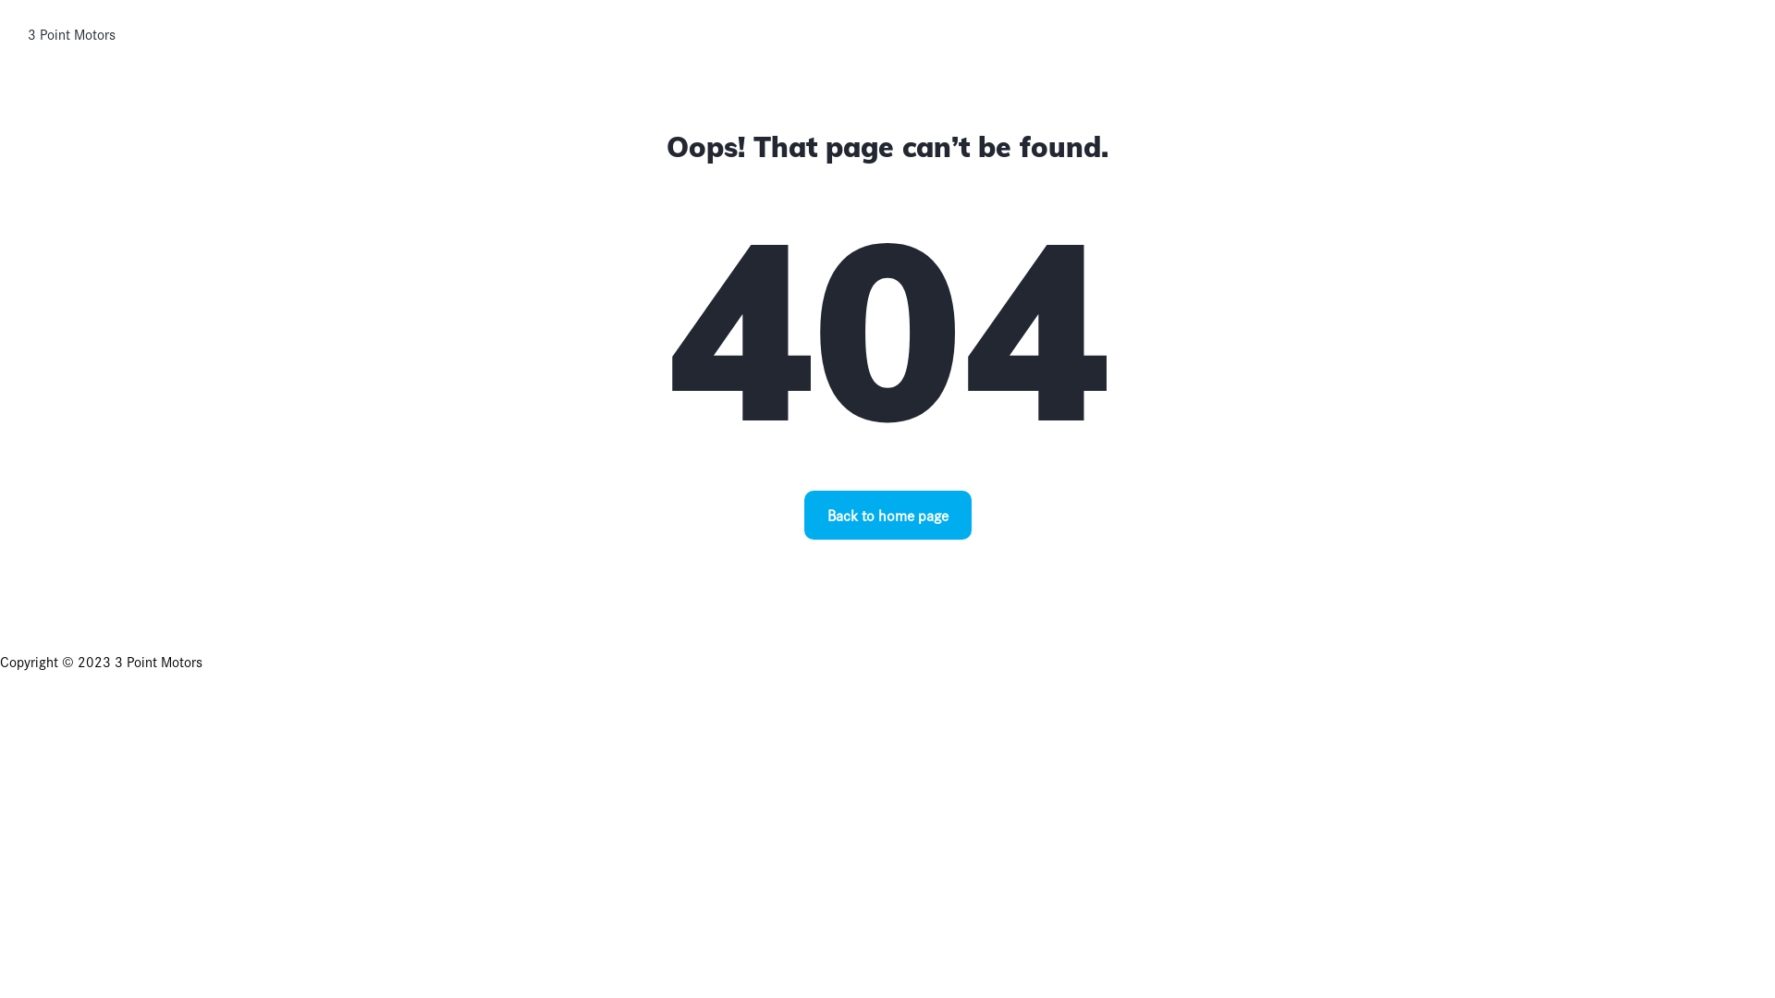 This screenshot has width=1775, height=998. Describe the element at coordinates (71, 34) in the screenshot. I see `'3 Point Motors'` at that location.